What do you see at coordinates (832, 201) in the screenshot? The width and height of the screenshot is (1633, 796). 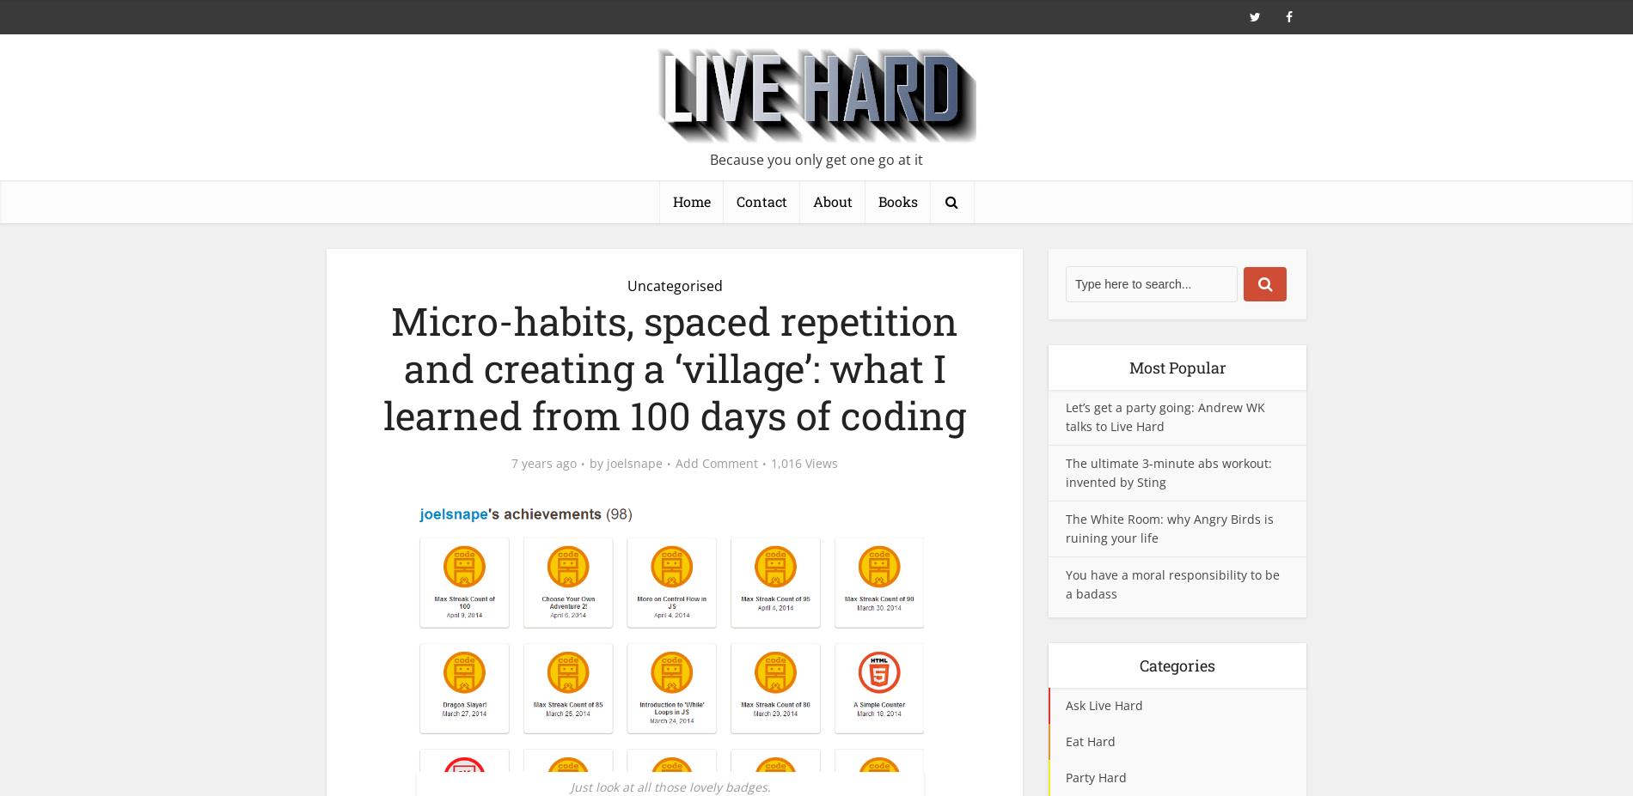 I see `'About'` at bounding box center [832, 201].